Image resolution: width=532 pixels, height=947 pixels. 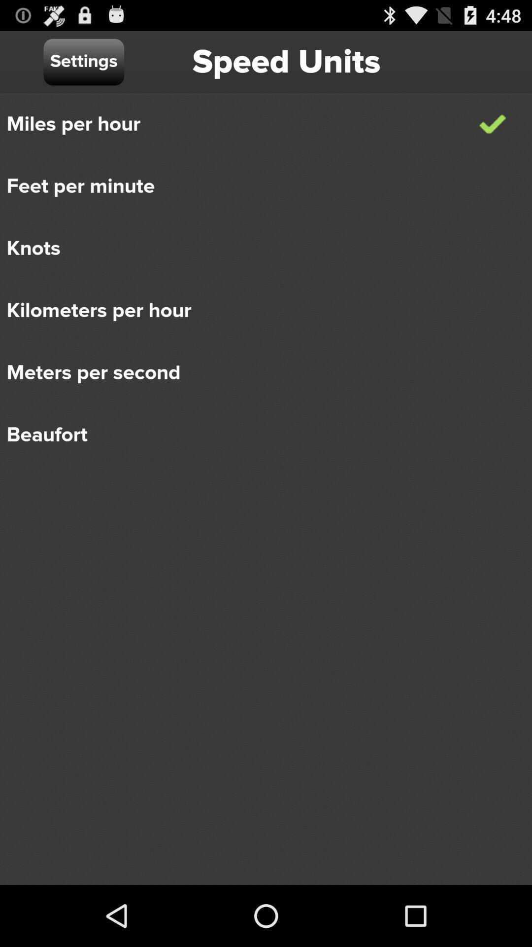 What do you see at coordinates (83, 61) in the screenshot?
I see `the settings icon` at bounding box center [83, 61].